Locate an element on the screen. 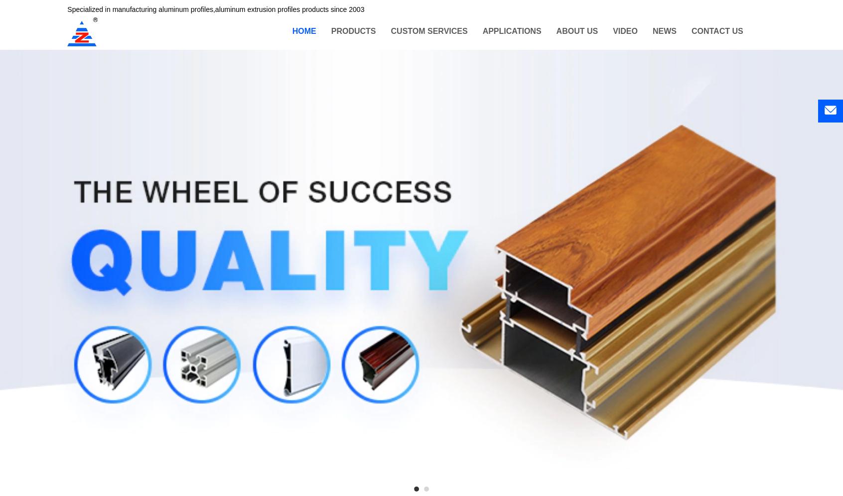  'Aluminium Curtain Rod' is located at coordinates (369, 104).